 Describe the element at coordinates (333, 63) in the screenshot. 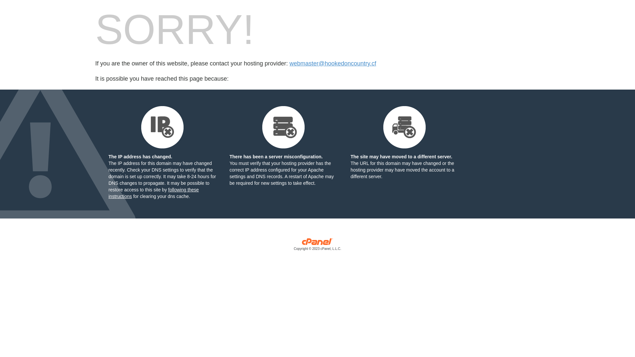

I see `'webmaster@hookedoncountry.cf'` at that location.